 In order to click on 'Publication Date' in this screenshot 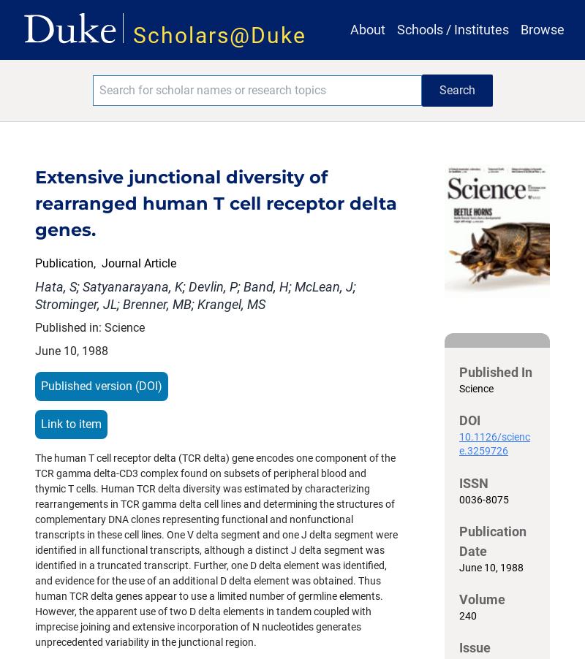, I will do `click(493, 541)`.